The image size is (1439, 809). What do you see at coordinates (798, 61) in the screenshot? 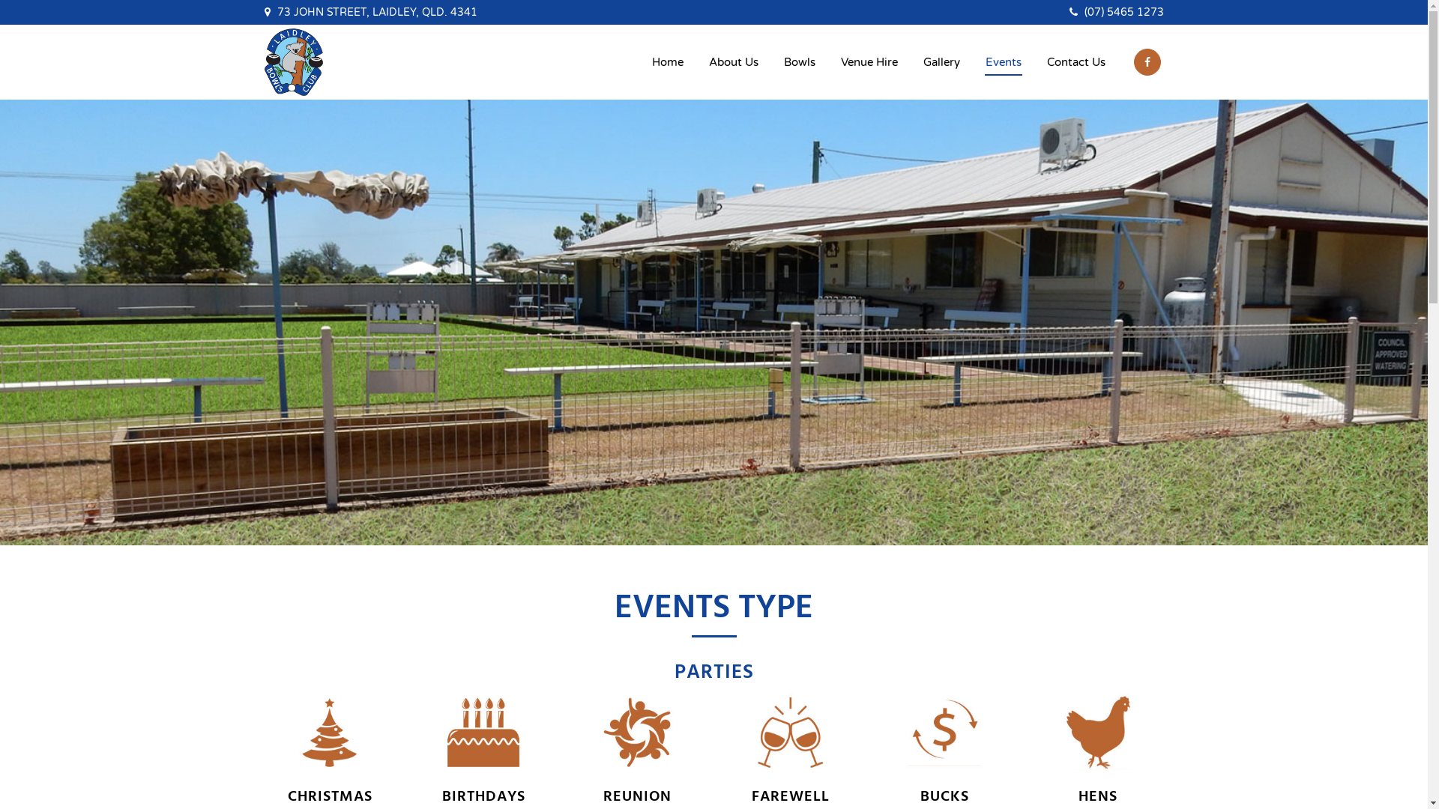
I see `'Bowls'` at bounding box center [798, 61].